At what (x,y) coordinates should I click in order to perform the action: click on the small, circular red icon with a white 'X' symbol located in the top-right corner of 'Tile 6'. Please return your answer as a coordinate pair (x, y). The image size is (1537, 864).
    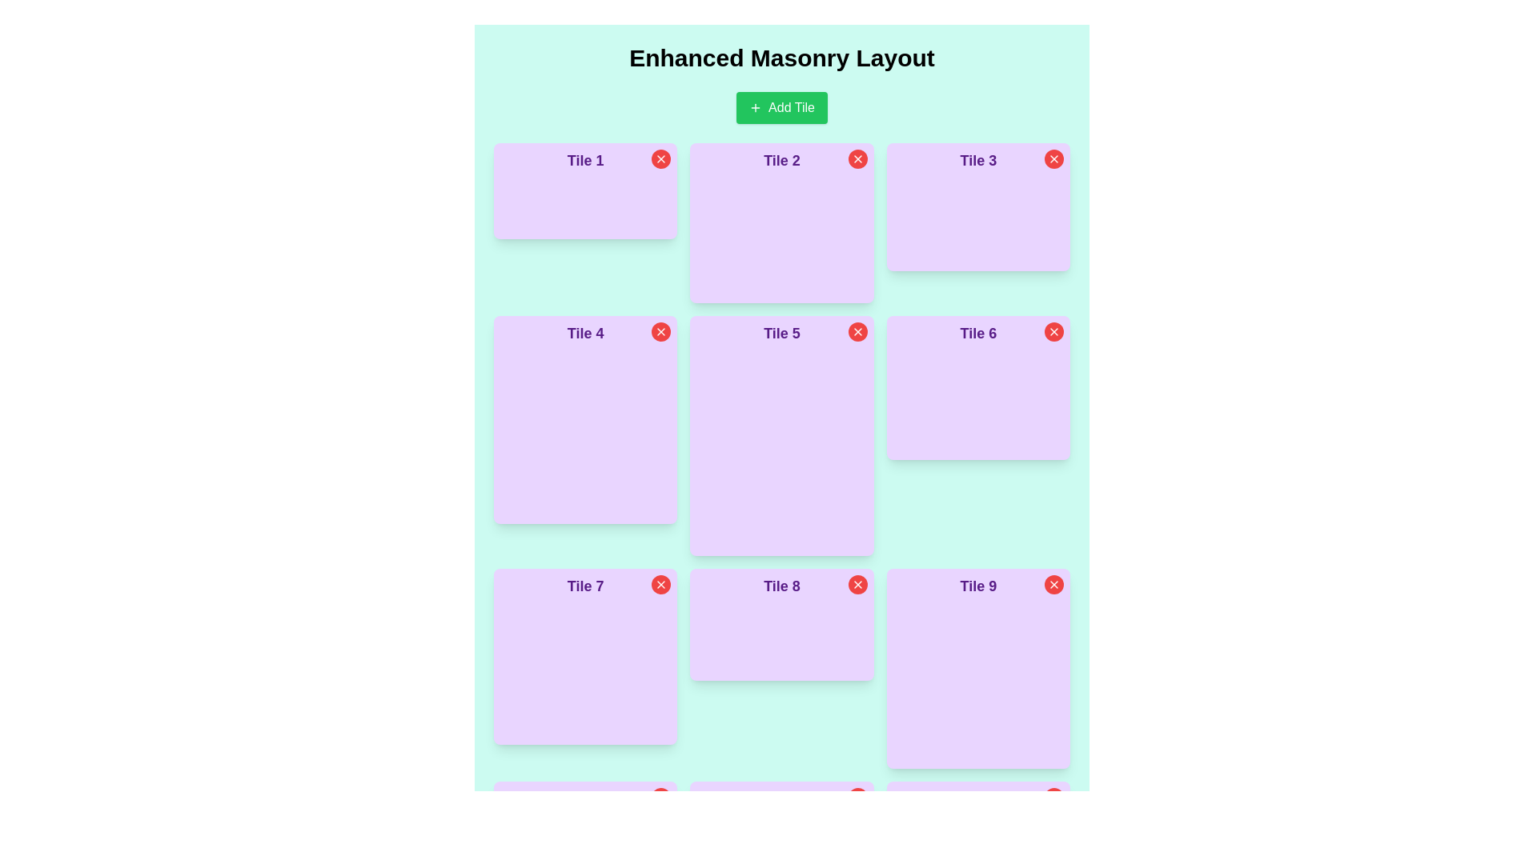
    Looking at the image, I should click on (1053, 331).